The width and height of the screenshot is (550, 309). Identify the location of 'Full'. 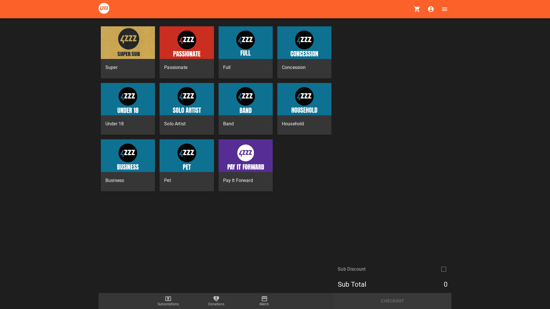
(245, 52).